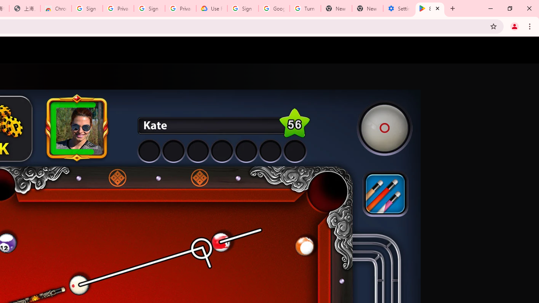 This screenshot has width=539, height=303. What do you see at coordinates (430, 8) in the screenshot?
I see `'8 Ball Pool - Apps on Google Play'` at bounding box center [430, 8].